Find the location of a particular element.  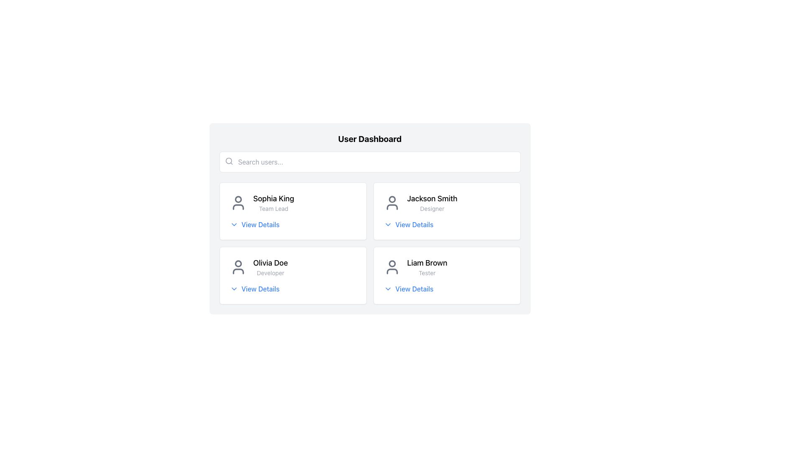

the text-based link button located below 'Sophia King Team Lead' in the first user information card of the User Dashboard is located at coordinates (254, 224).